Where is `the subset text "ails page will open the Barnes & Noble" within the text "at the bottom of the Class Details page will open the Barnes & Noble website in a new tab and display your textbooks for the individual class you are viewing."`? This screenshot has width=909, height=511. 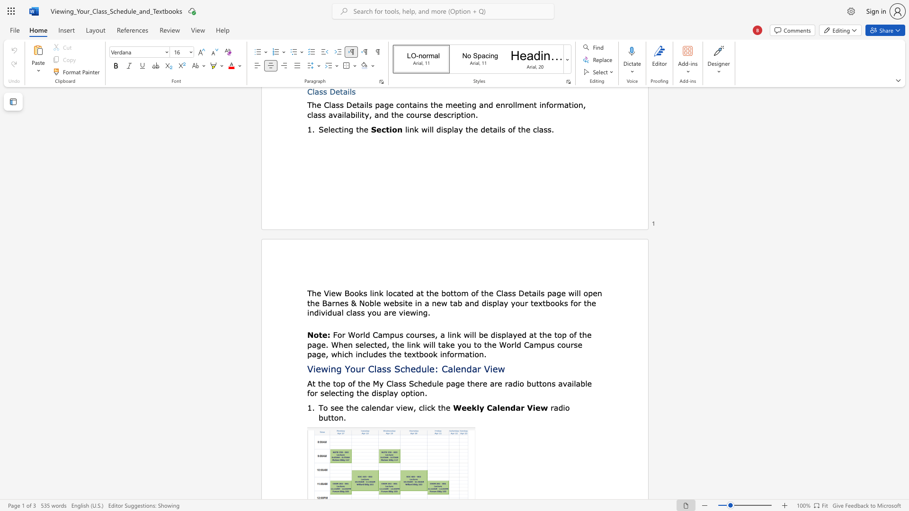 the subset text "ails page will open the Barnes & Noble" within the text "at the bottom of the Class Details page will open the Barnes & Noble website in a new tab and display your textbooks for the individual class you are viewing." is located at coordinates (532, 292).